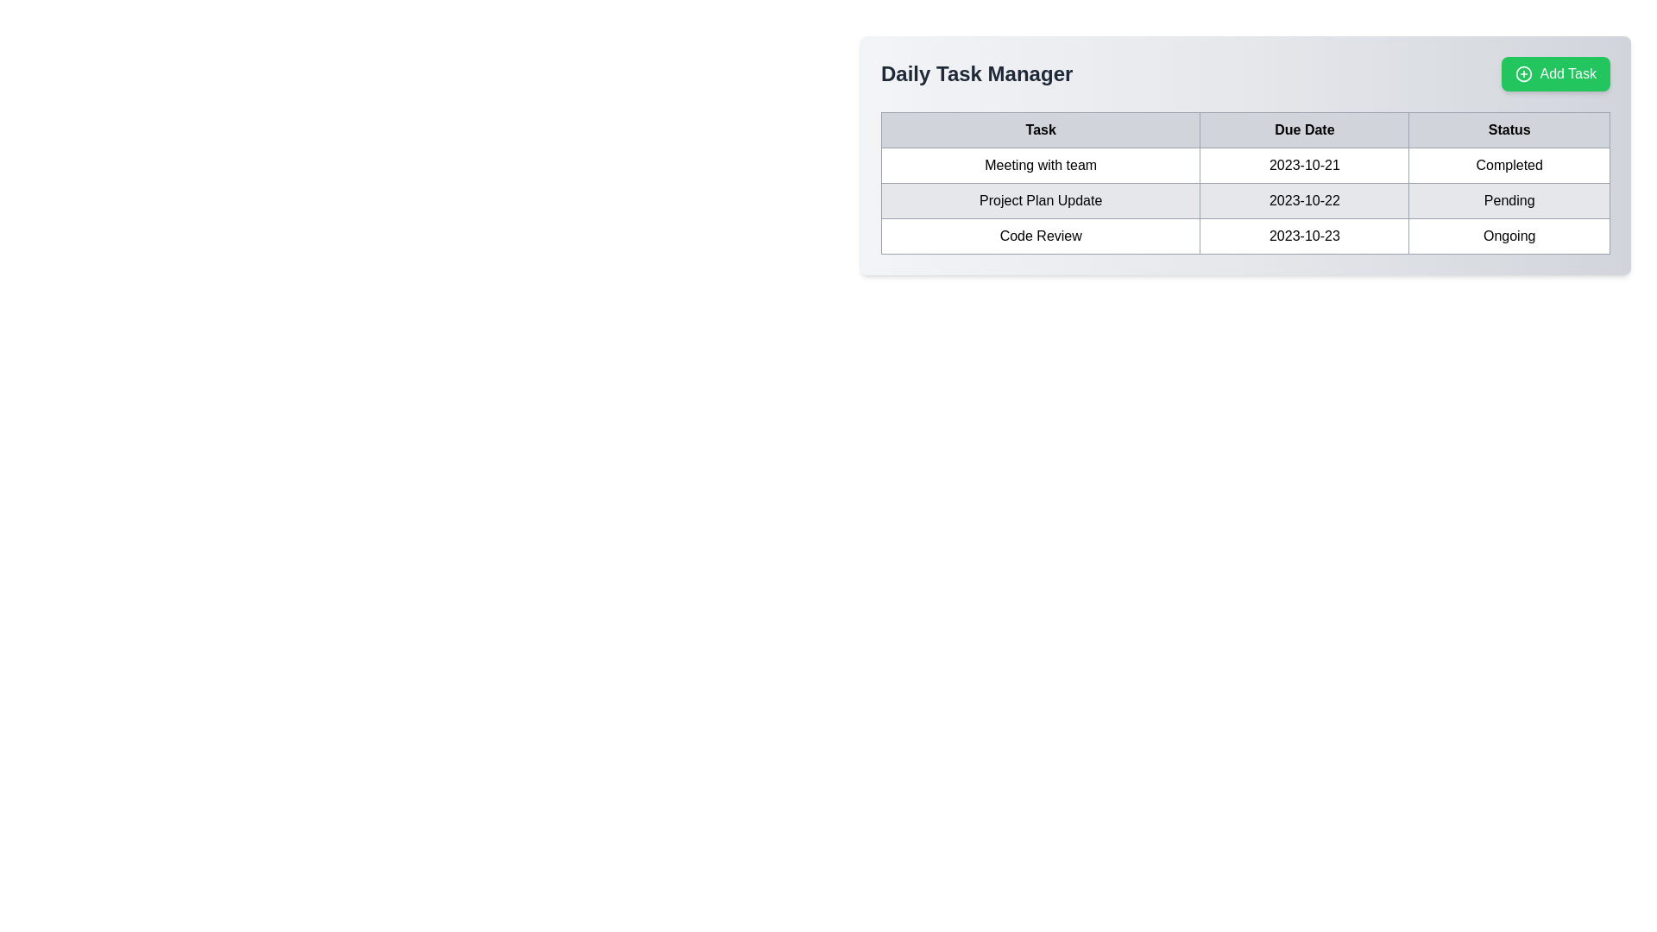  I want to click on the 'Status' label, which is a rectangular cell with a light gray background and black center-aligned text, positioned far-right in a horizontal row of cells, so click(1509, 129).